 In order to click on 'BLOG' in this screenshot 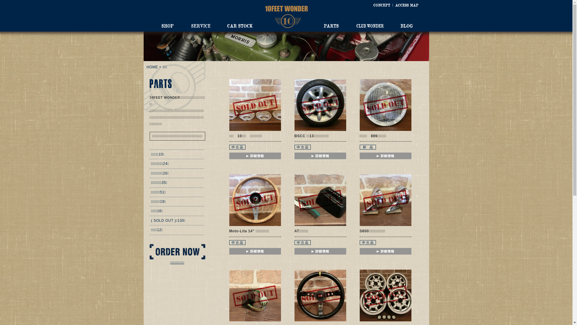, I will do `click(406, 25)`.